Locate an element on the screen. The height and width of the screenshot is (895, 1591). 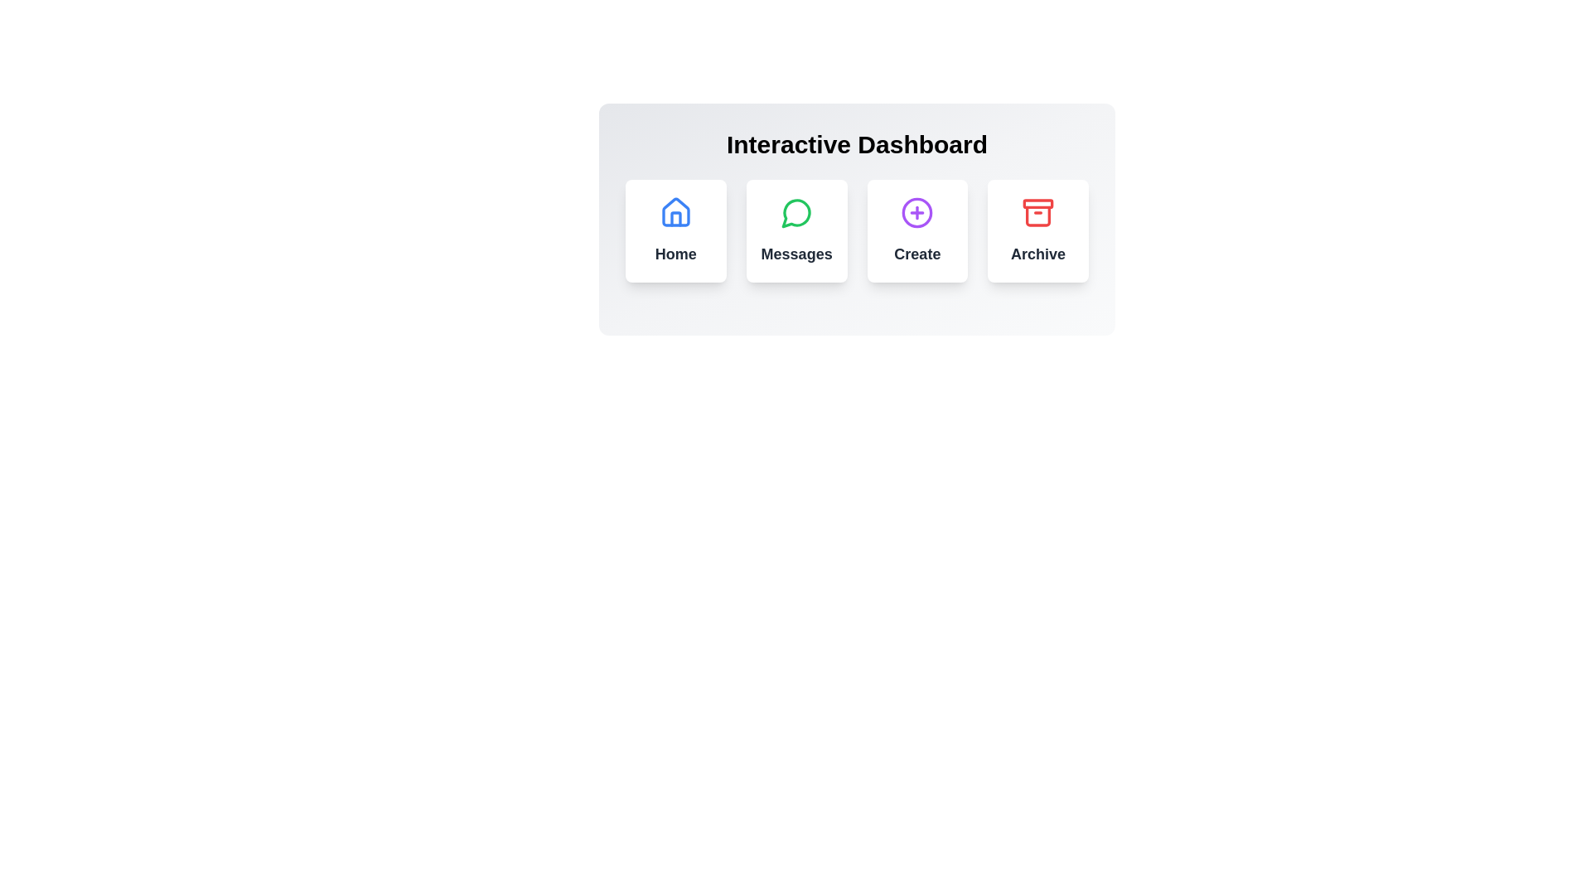
the circular 'plus' icon with a purple outline and a '+' symbol inside, located above the text 'Create' in the third card of a horizontal row of interactive cards is located at coordinates (916, 212).